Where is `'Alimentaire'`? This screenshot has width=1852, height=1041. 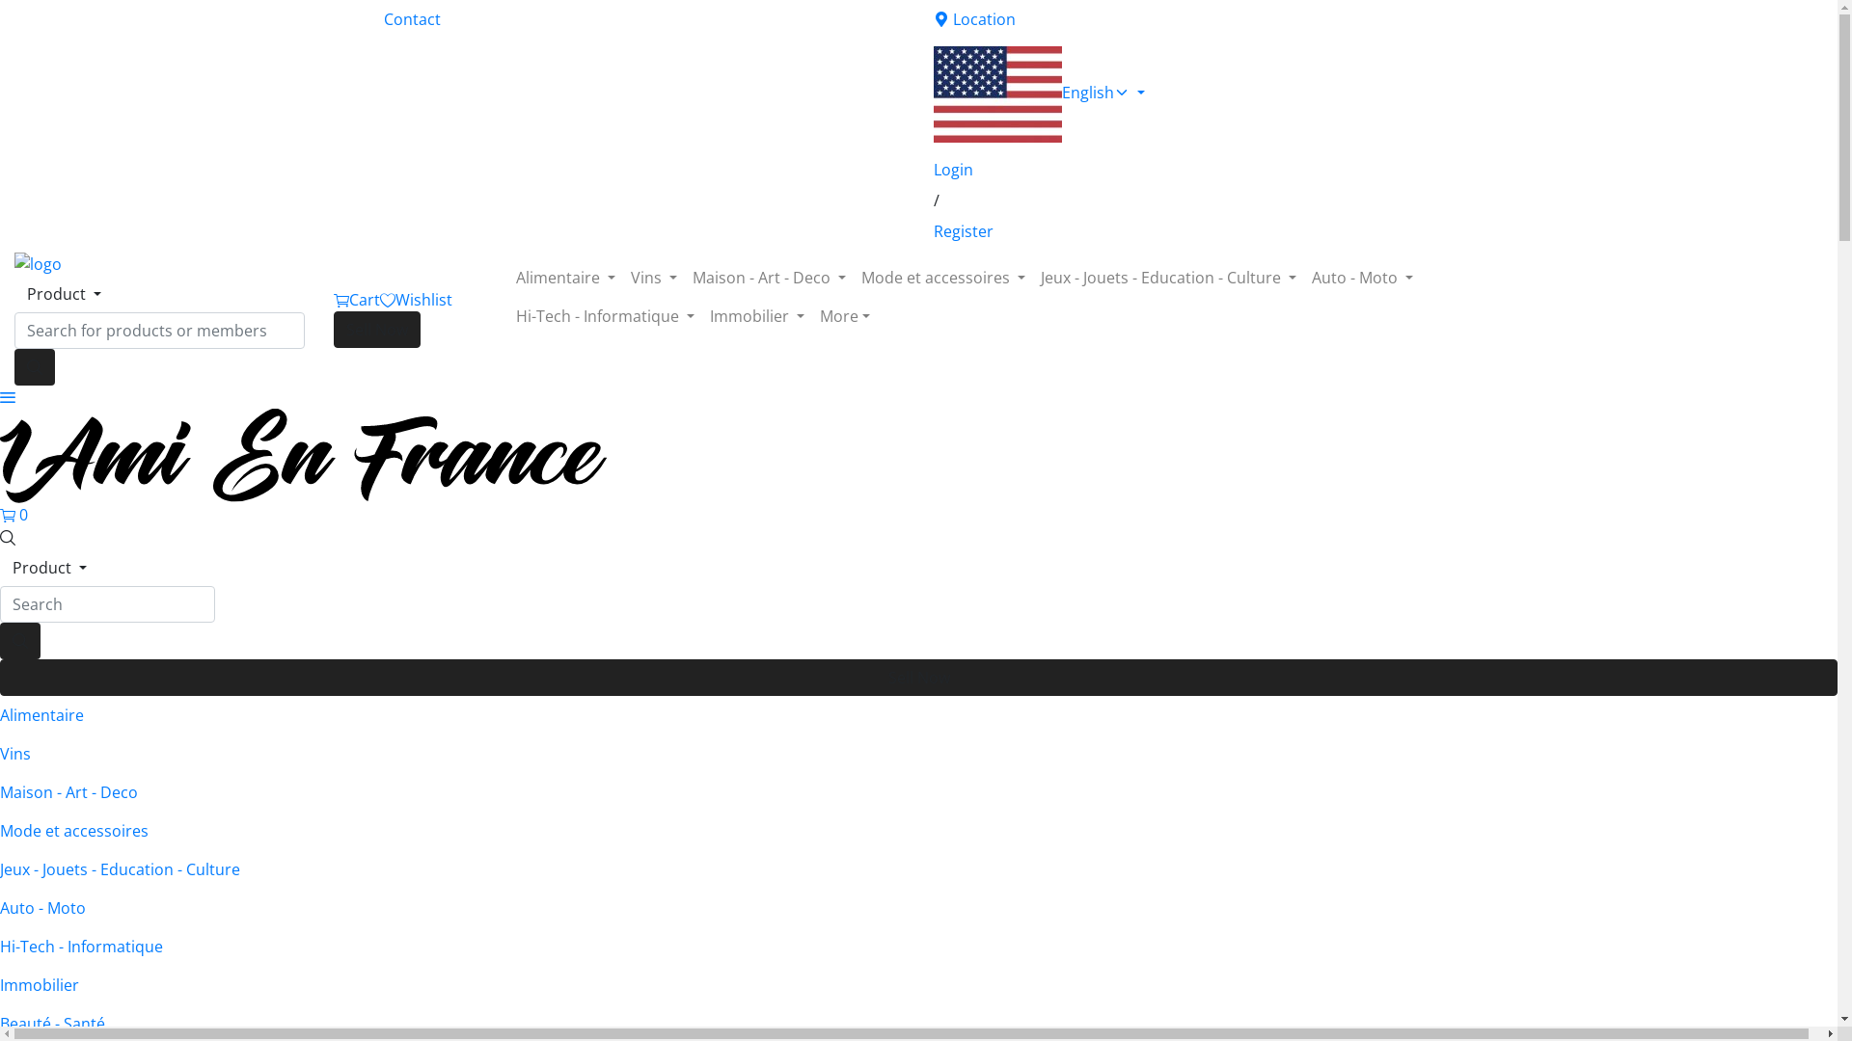
'Alimentaire' is located at coordinates (508, 278).